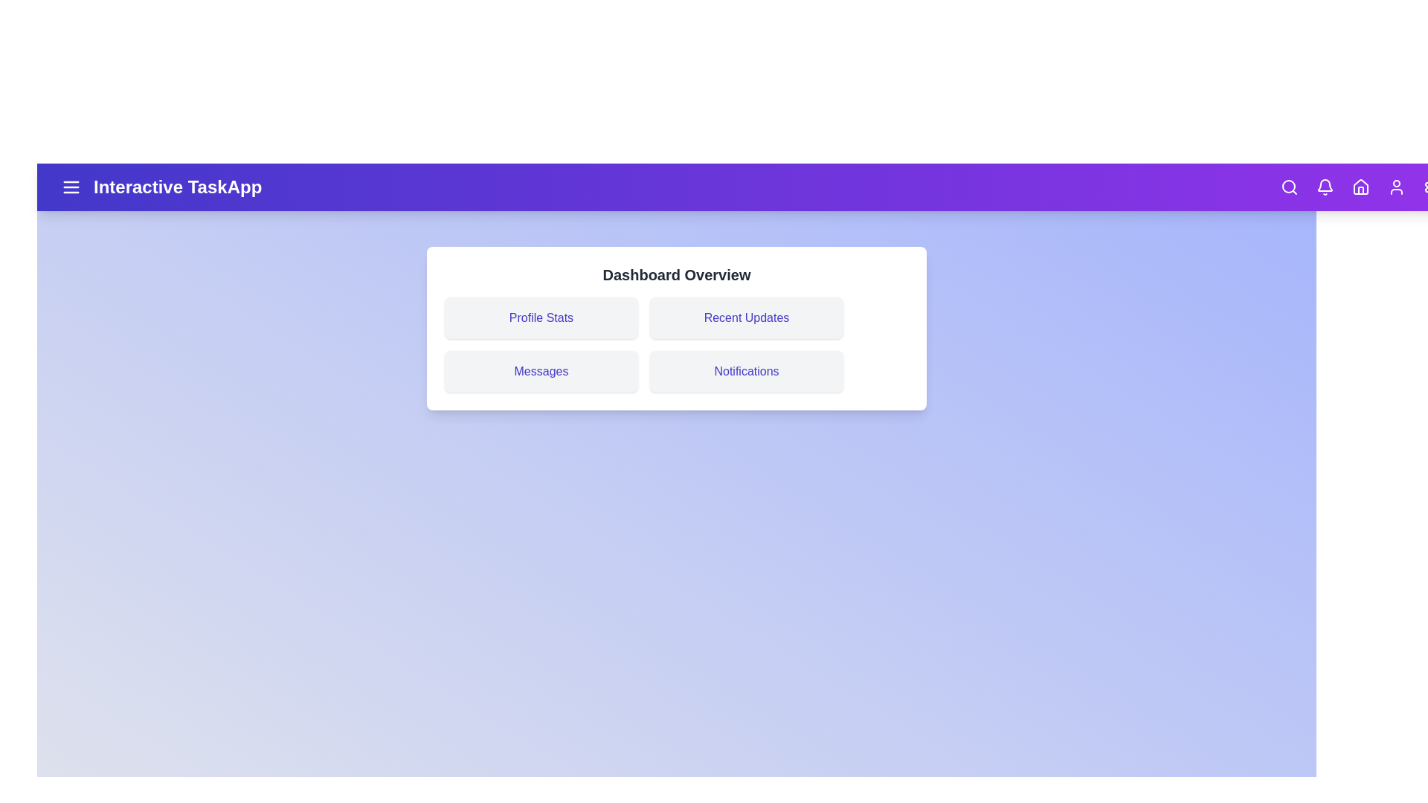 Image resolution: width=1428 pixels, height=803 pixels. I want to click on the 'Messages' section, so click(541, 371).